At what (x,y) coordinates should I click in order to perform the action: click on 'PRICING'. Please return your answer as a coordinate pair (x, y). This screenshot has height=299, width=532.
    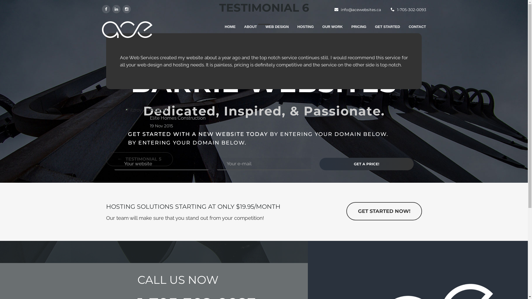
    Looking at the image, I should click on (355, 30).